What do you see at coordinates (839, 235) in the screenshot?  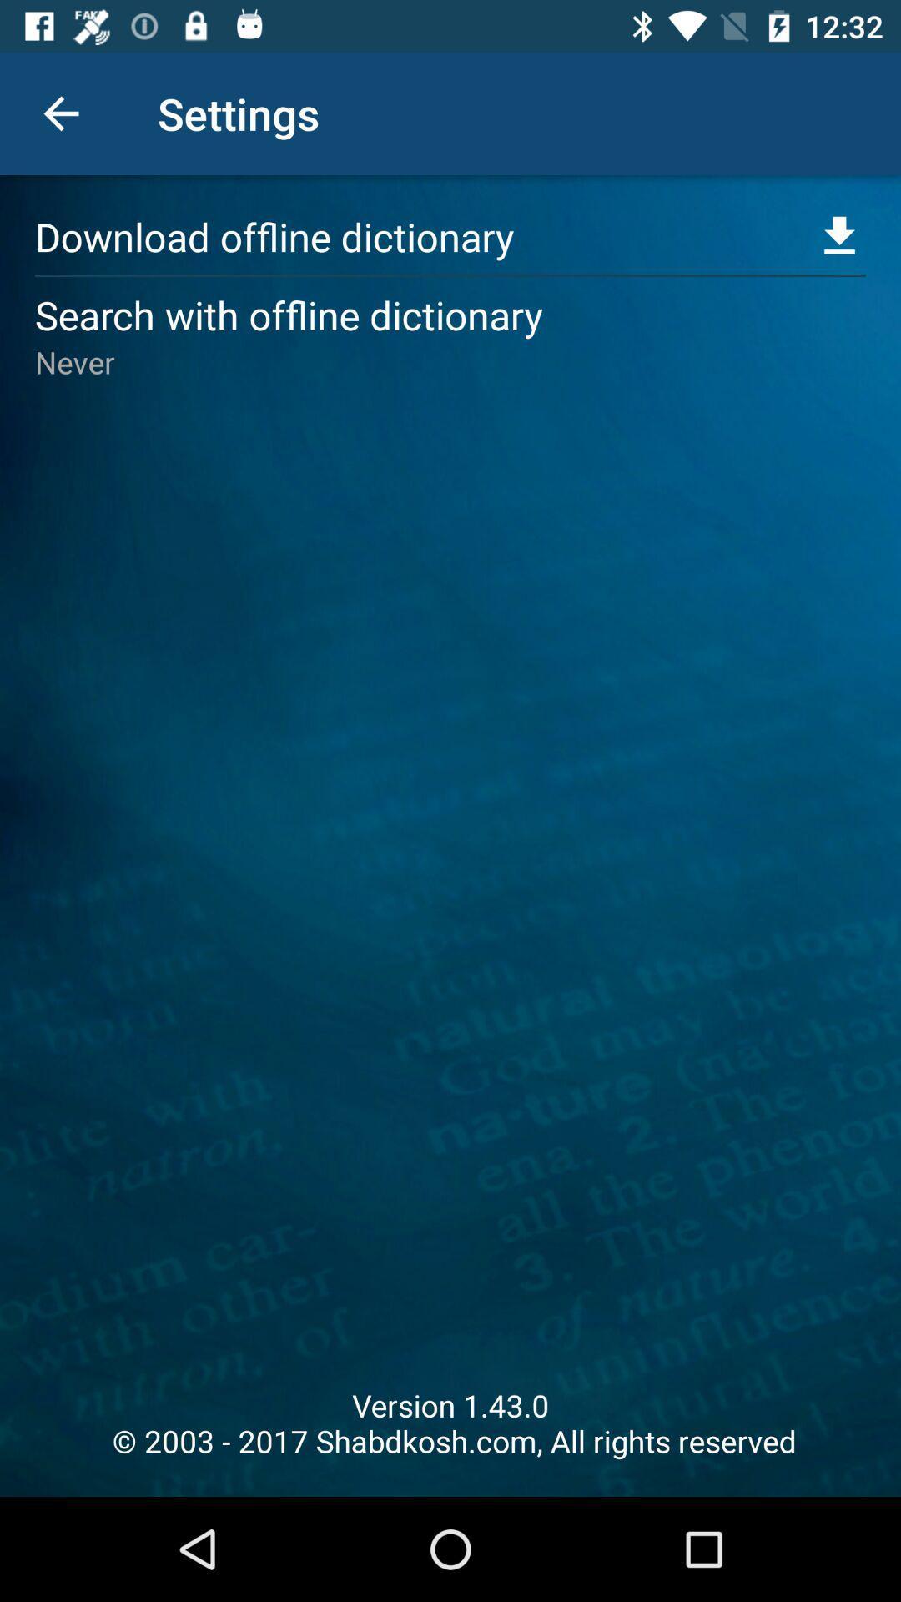 I see `expand this menu` at bounding box center [839, 235].